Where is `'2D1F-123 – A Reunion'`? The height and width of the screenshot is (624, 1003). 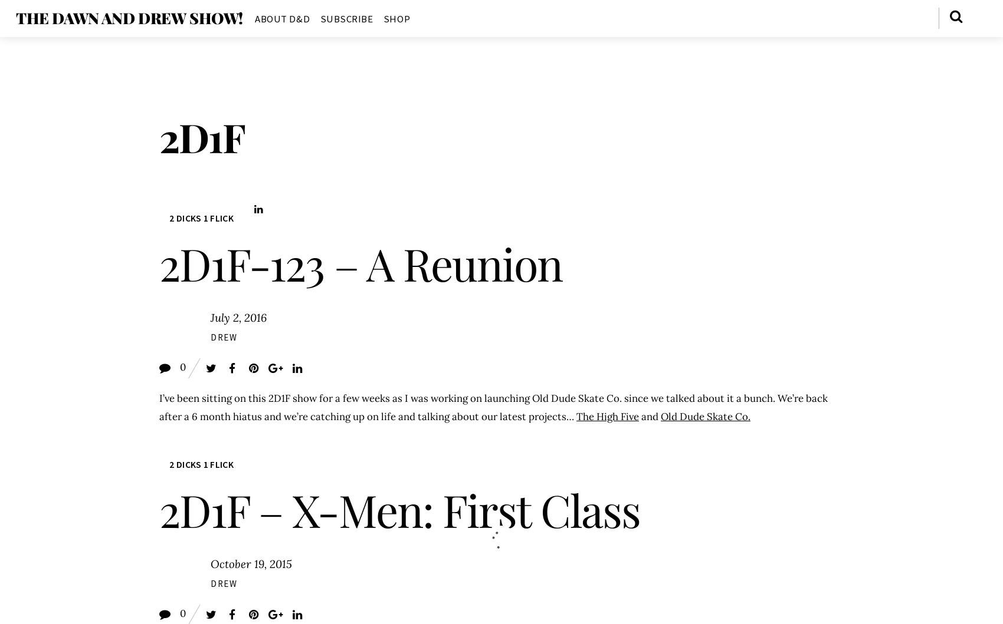 '2D1F-123 – A Reunion' is located at coordinates (359, 263).